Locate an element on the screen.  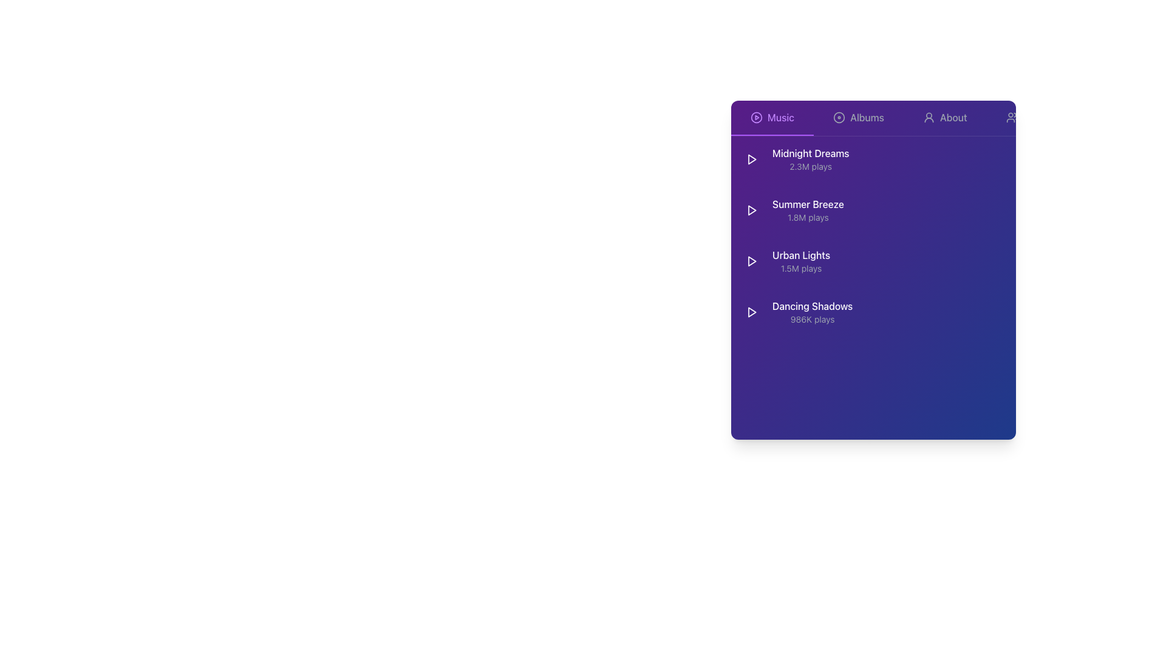
the time icon located next to the text '4:12', which is the first icon in a horizontal group of small interactive icons is located at coordinates (916, 210).